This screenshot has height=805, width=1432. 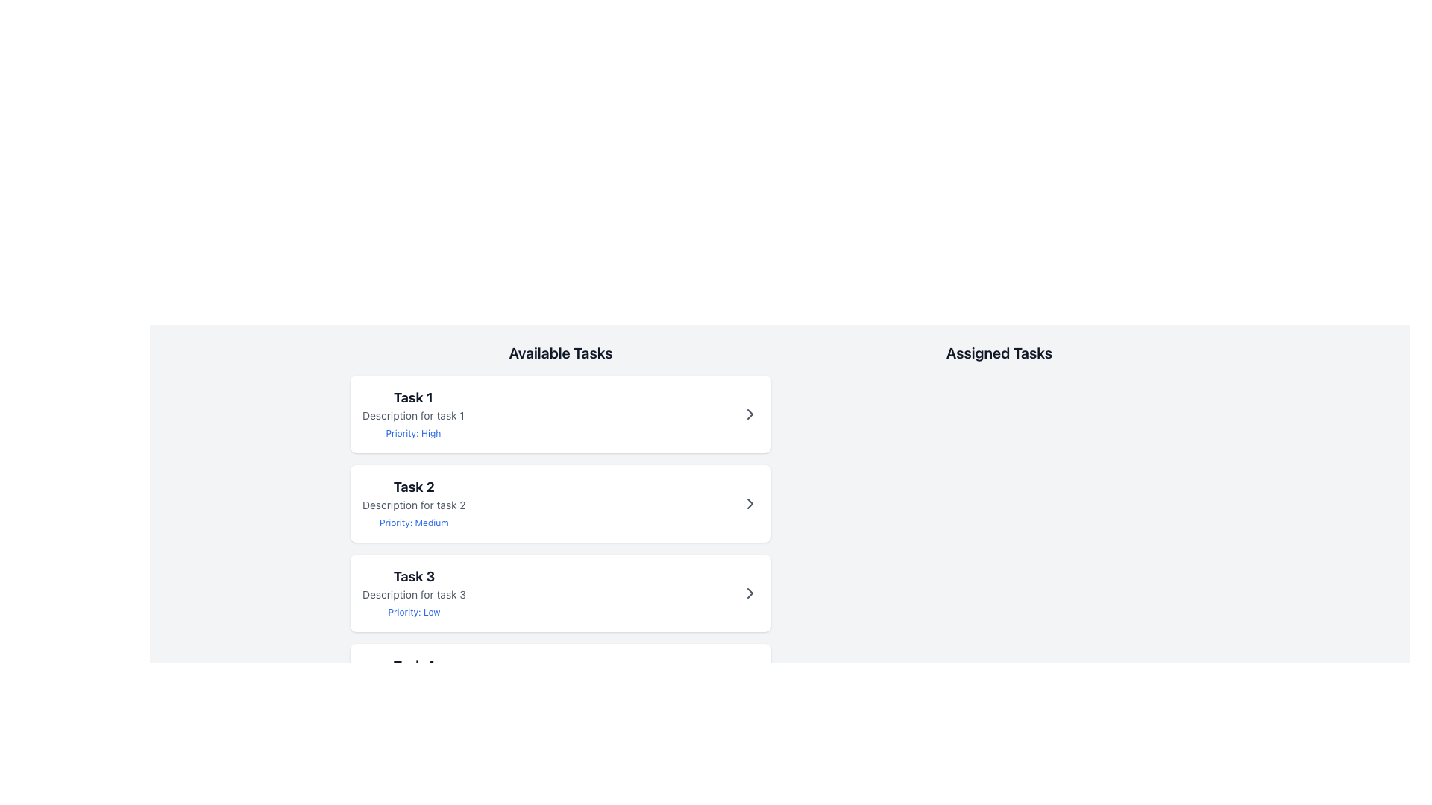 What do you see at coordinates (414, 487) in the screenshot?
I see `the 'Task 2' text label in the 'Available Tasks' section, which serves as the title for a task item and is located between 'Task 1' and 'Task 3'` at bounding box center [414, 487].